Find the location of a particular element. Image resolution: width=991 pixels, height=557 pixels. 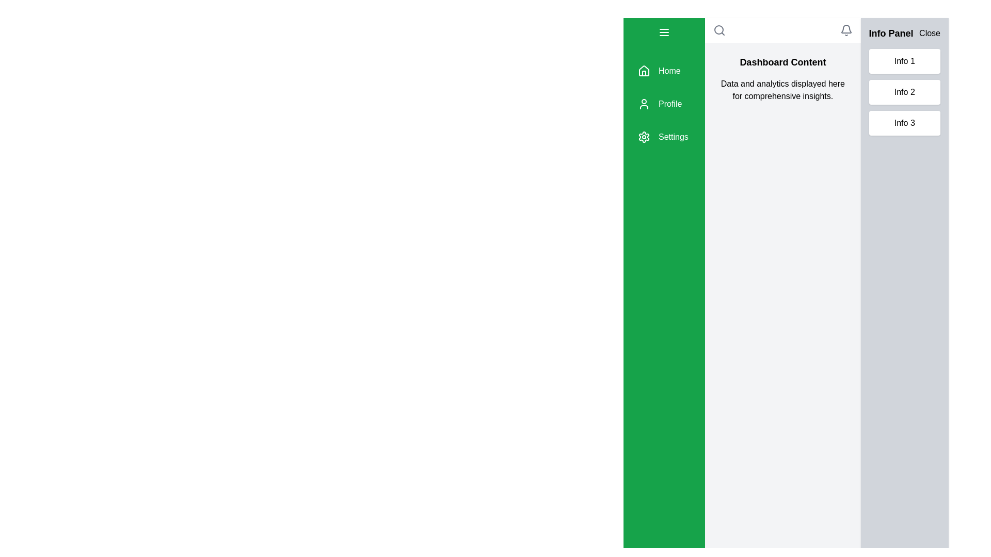

the 'Settings' button in the vertical navigation menu, which has a gear icon and a green background is located at coordinates (664, 137).